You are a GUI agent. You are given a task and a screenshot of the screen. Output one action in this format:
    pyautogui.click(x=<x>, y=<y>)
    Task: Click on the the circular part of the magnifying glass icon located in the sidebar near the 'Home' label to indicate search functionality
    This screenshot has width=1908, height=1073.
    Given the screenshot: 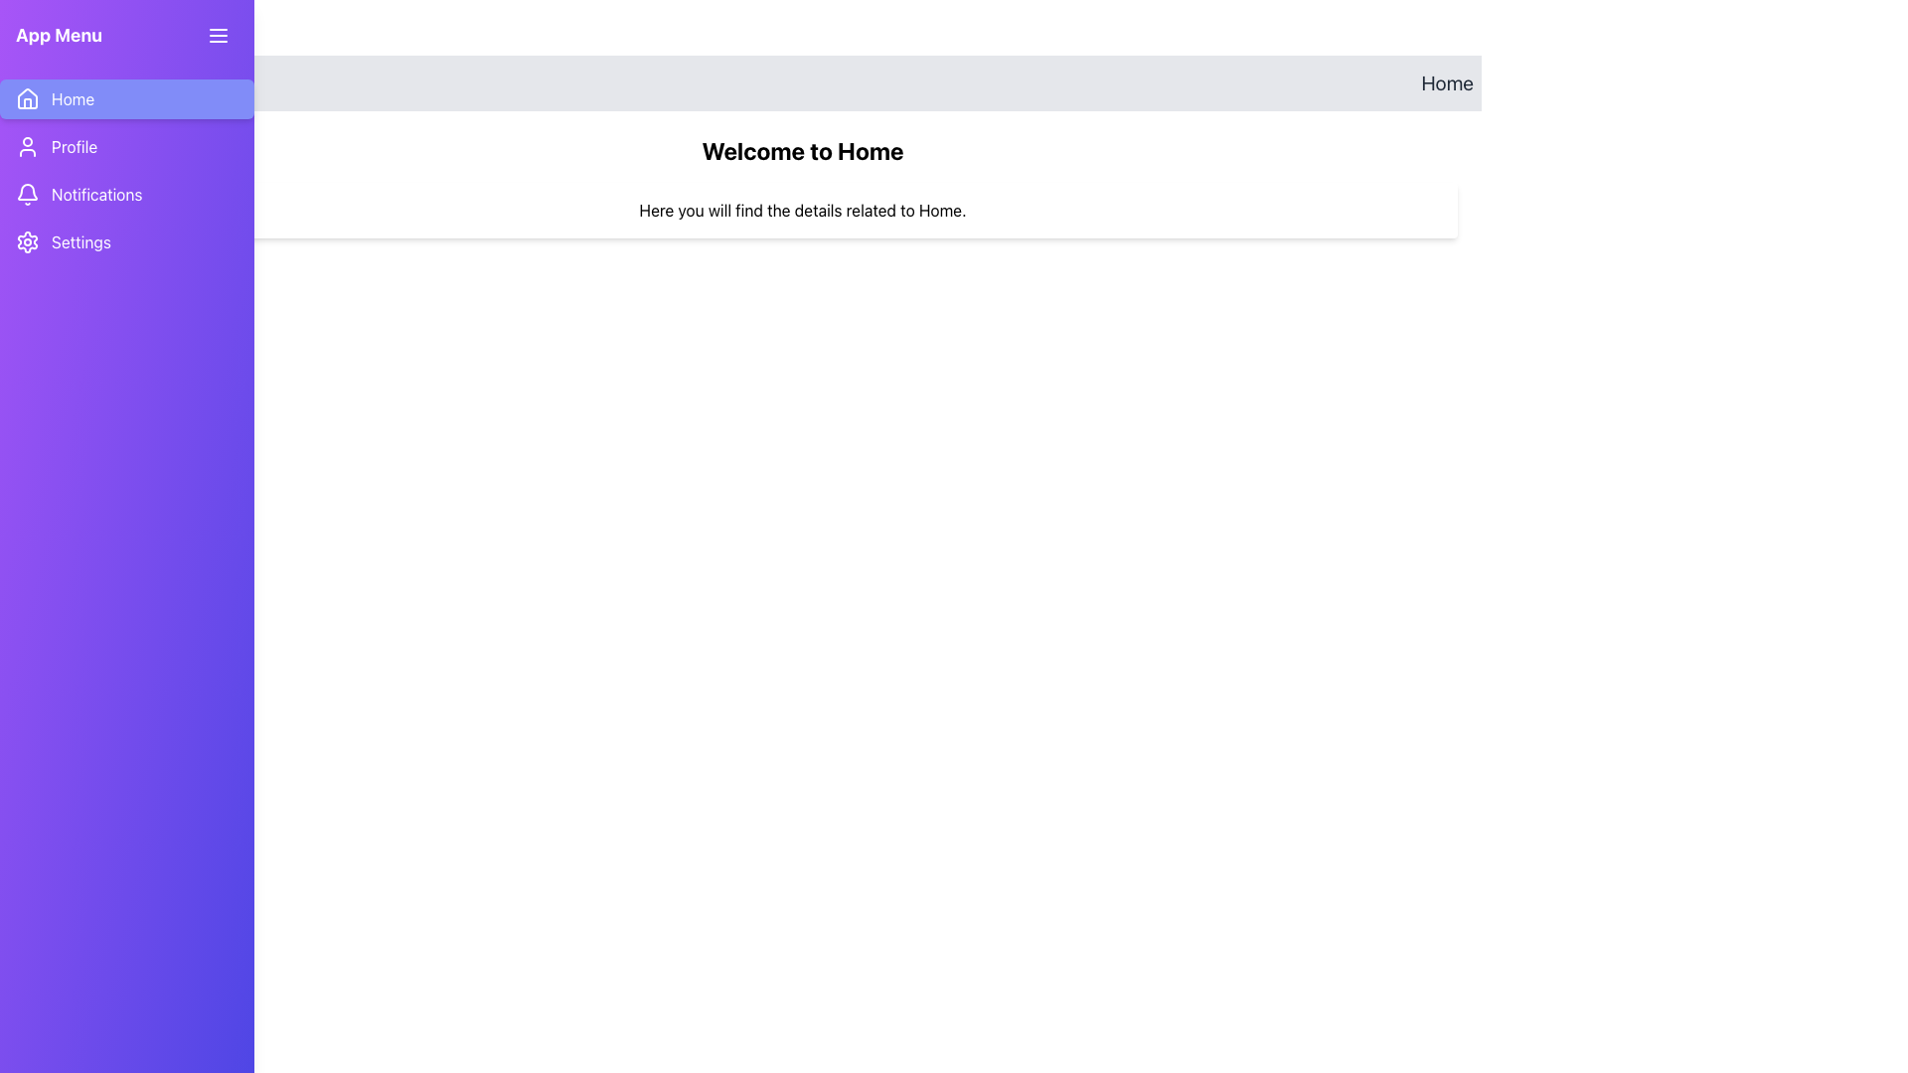 What is the action you would take?
    pyautogui.click(x=150, y=81)
    